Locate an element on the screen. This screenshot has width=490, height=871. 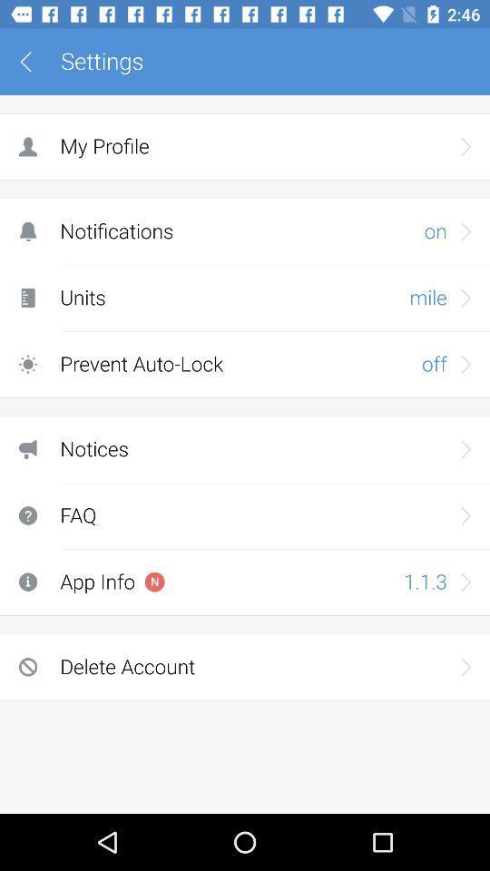
the arrow_backward icon is located at coordinates (32, 62).